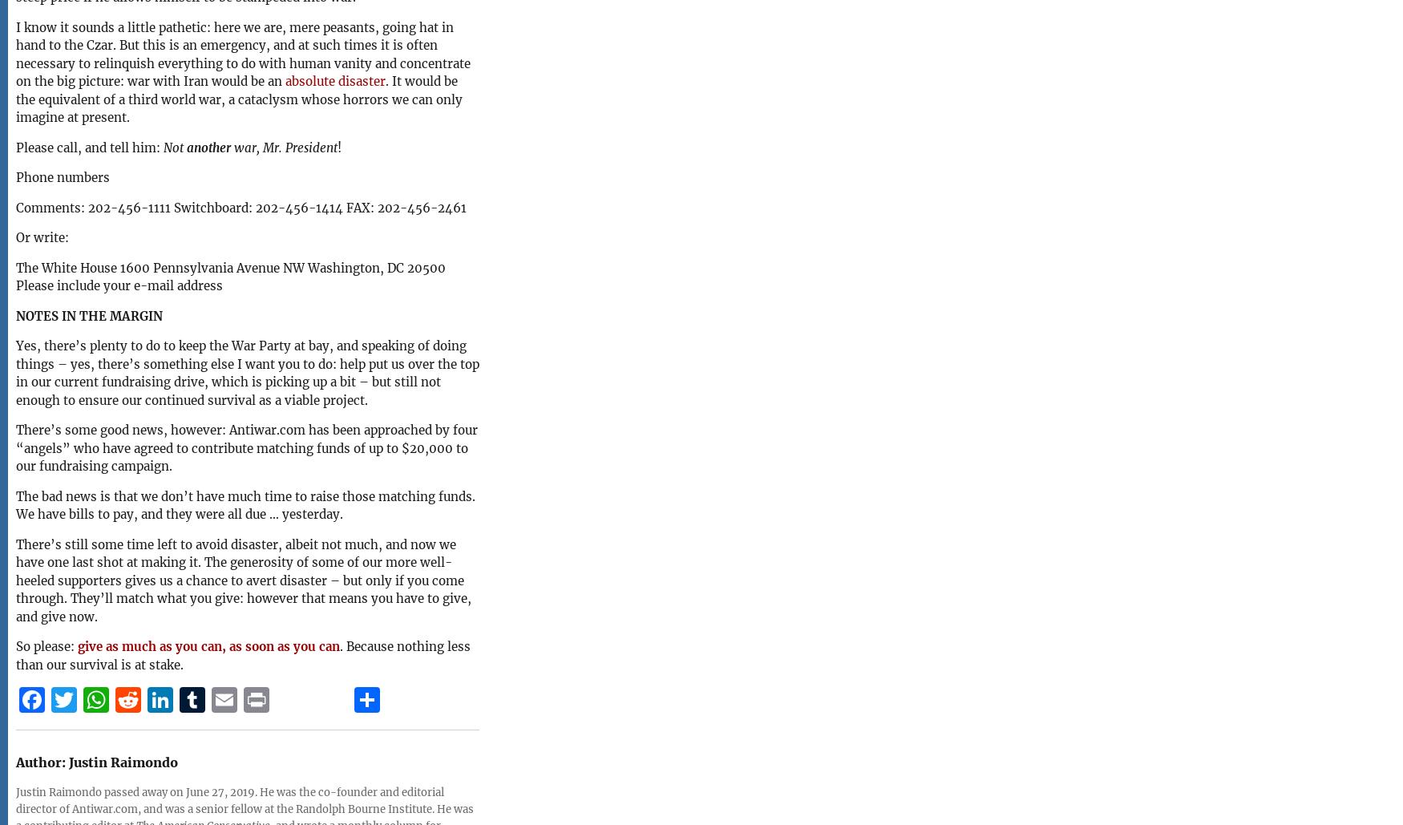  What do you see at coordinates (175, 147) in the screenshot?
I see `'Not'` at bounding box center [175, 147].